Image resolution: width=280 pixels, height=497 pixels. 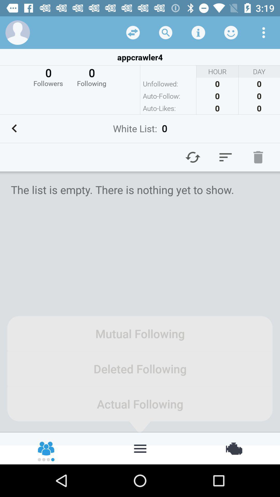 I want to click on back, so click(x=14, y=128).